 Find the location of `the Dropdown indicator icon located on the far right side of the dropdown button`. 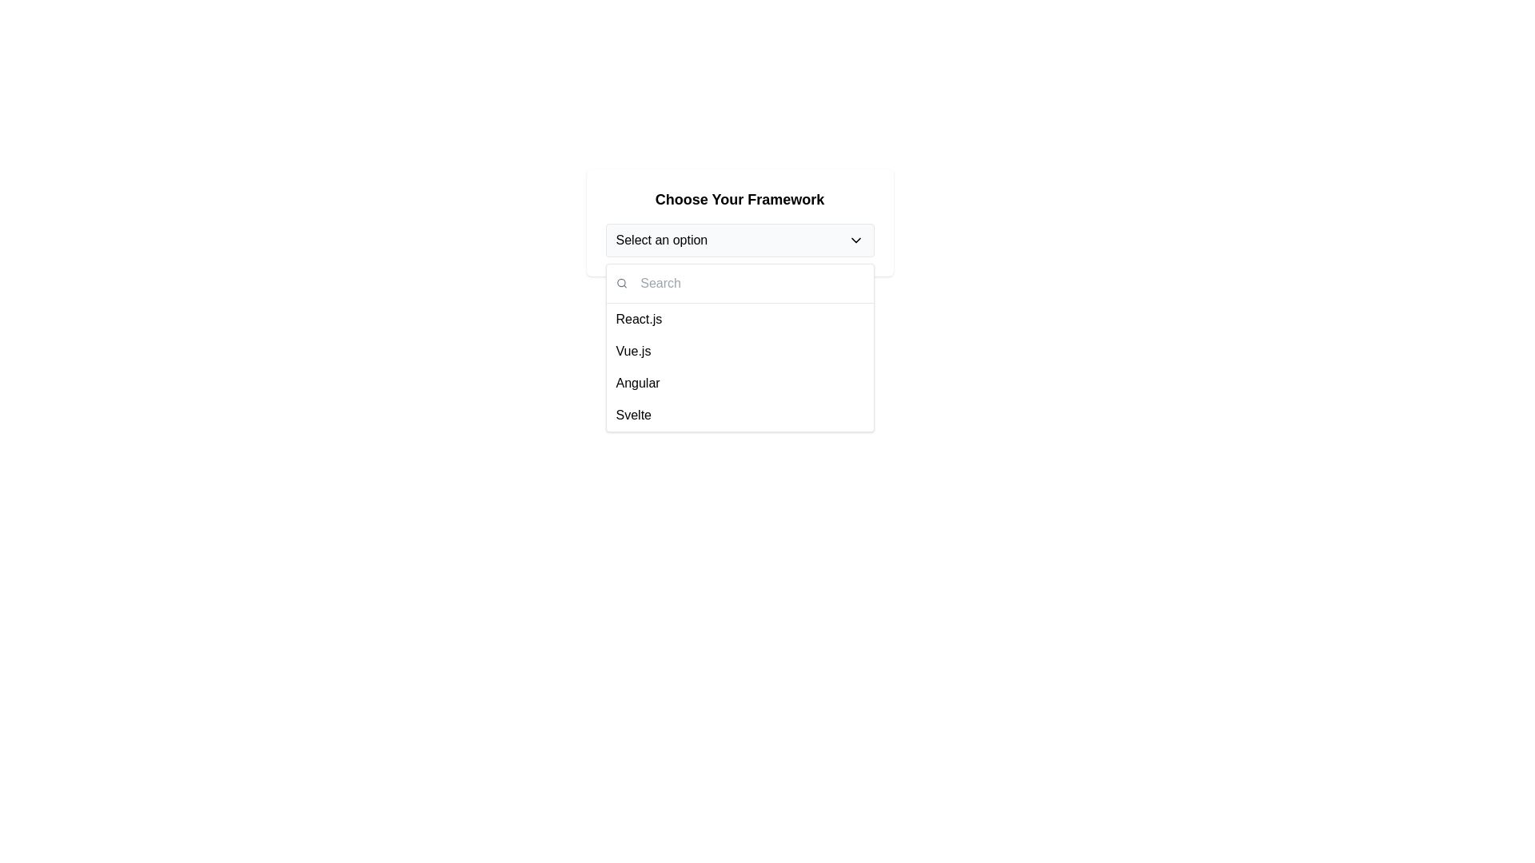

the Dropdown indicator icon located on the far right side of the dropdown button is located at coordinates (855, 240).